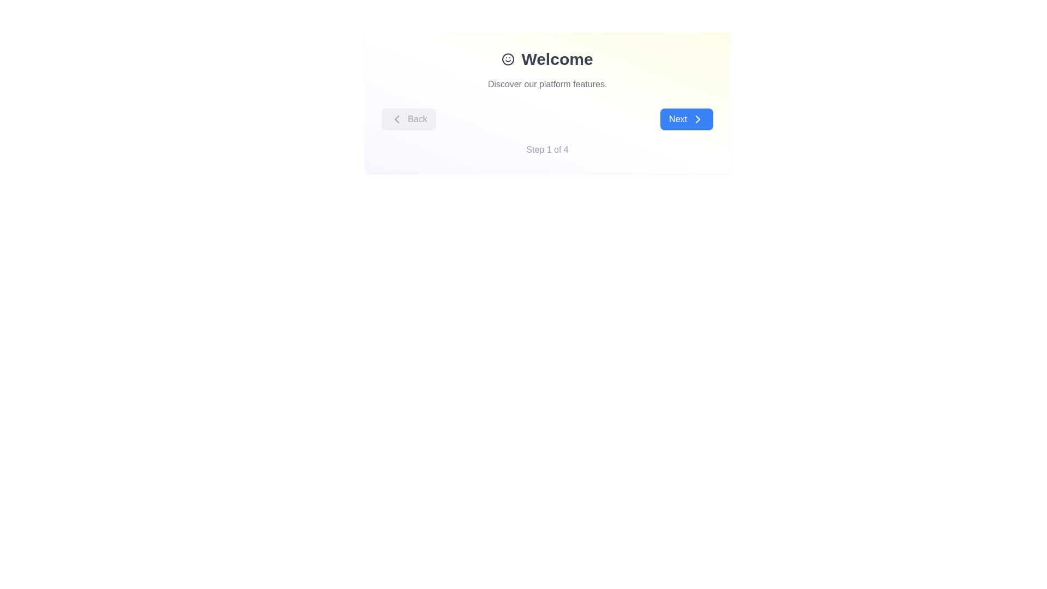 The width and height of the screenshot is (1047, 589). Describe the element at coordinates (508, 59) in the screenshot. I see `the decorative icon located to the left of the 'Welcome' text at the top of the interface` at that location.